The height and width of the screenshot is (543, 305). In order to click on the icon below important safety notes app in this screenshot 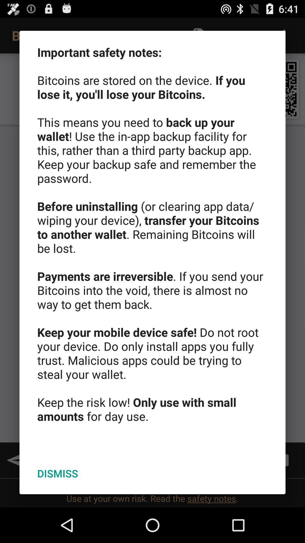, I will do `click(58, 473)`.